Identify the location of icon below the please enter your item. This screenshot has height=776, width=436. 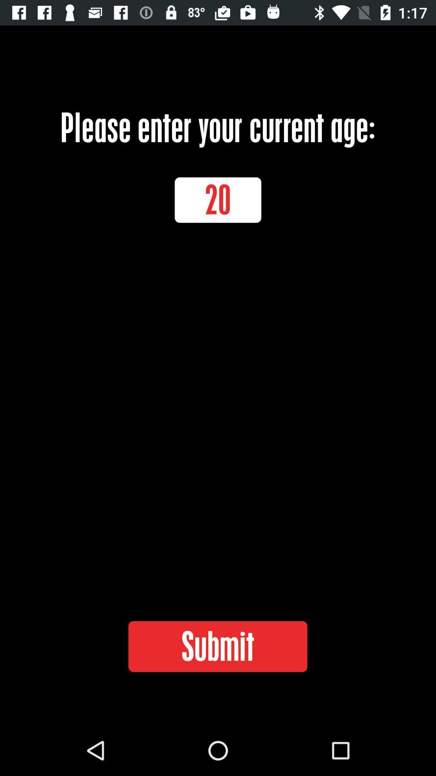
(218, 200).